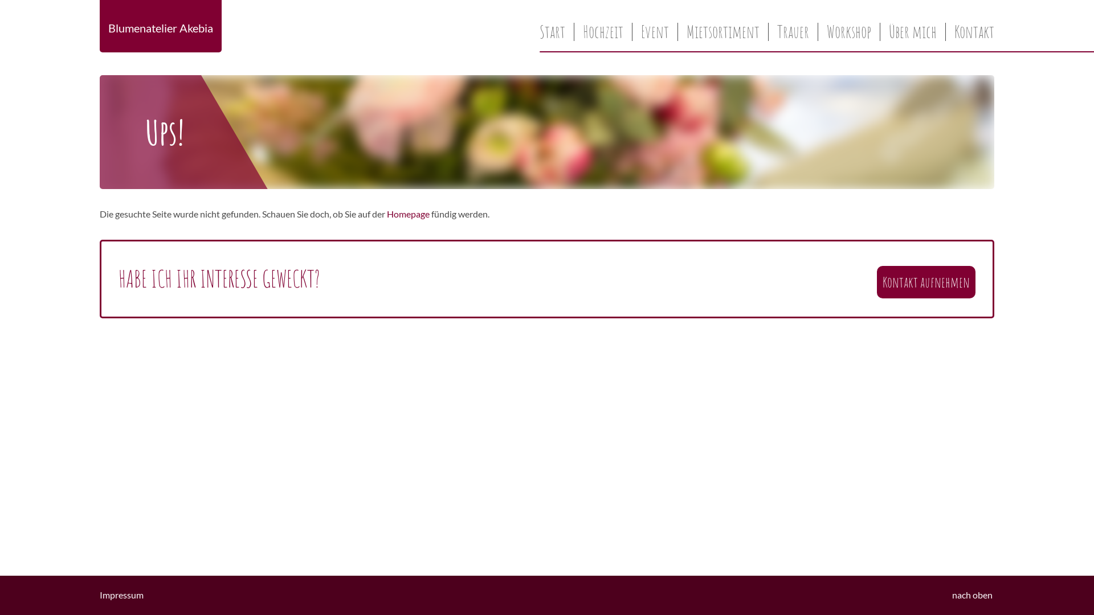  What do you see at coordinates (768, 31) in the screenshot?
I see `'Trauer'` at bounding box center [768, 31].